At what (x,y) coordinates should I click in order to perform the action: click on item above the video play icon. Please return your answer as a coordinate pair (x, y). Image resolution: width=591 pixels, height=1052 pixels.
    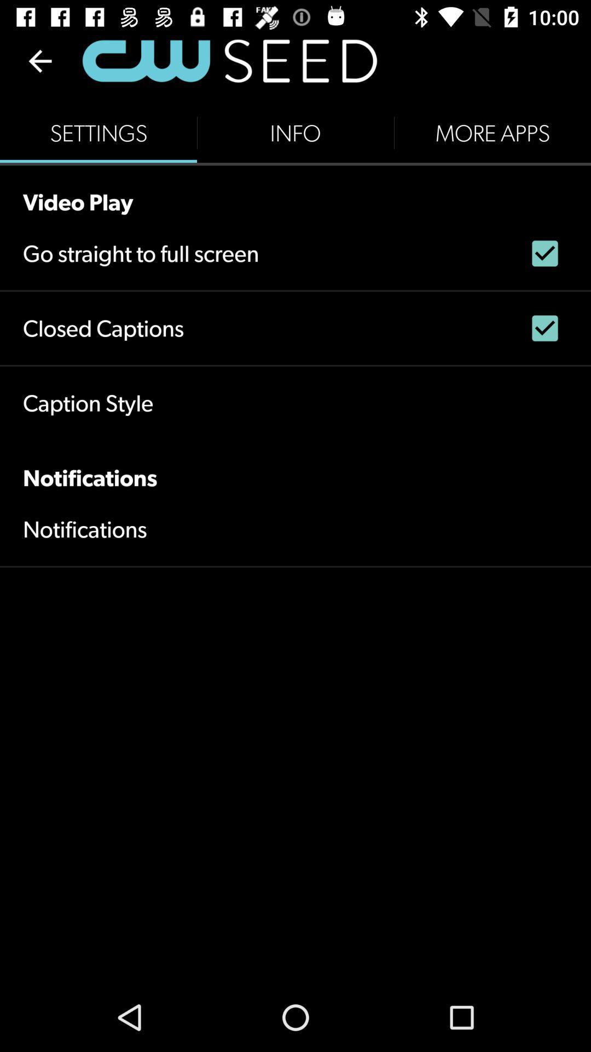
    Looking at the image, I should click on (491, 133).